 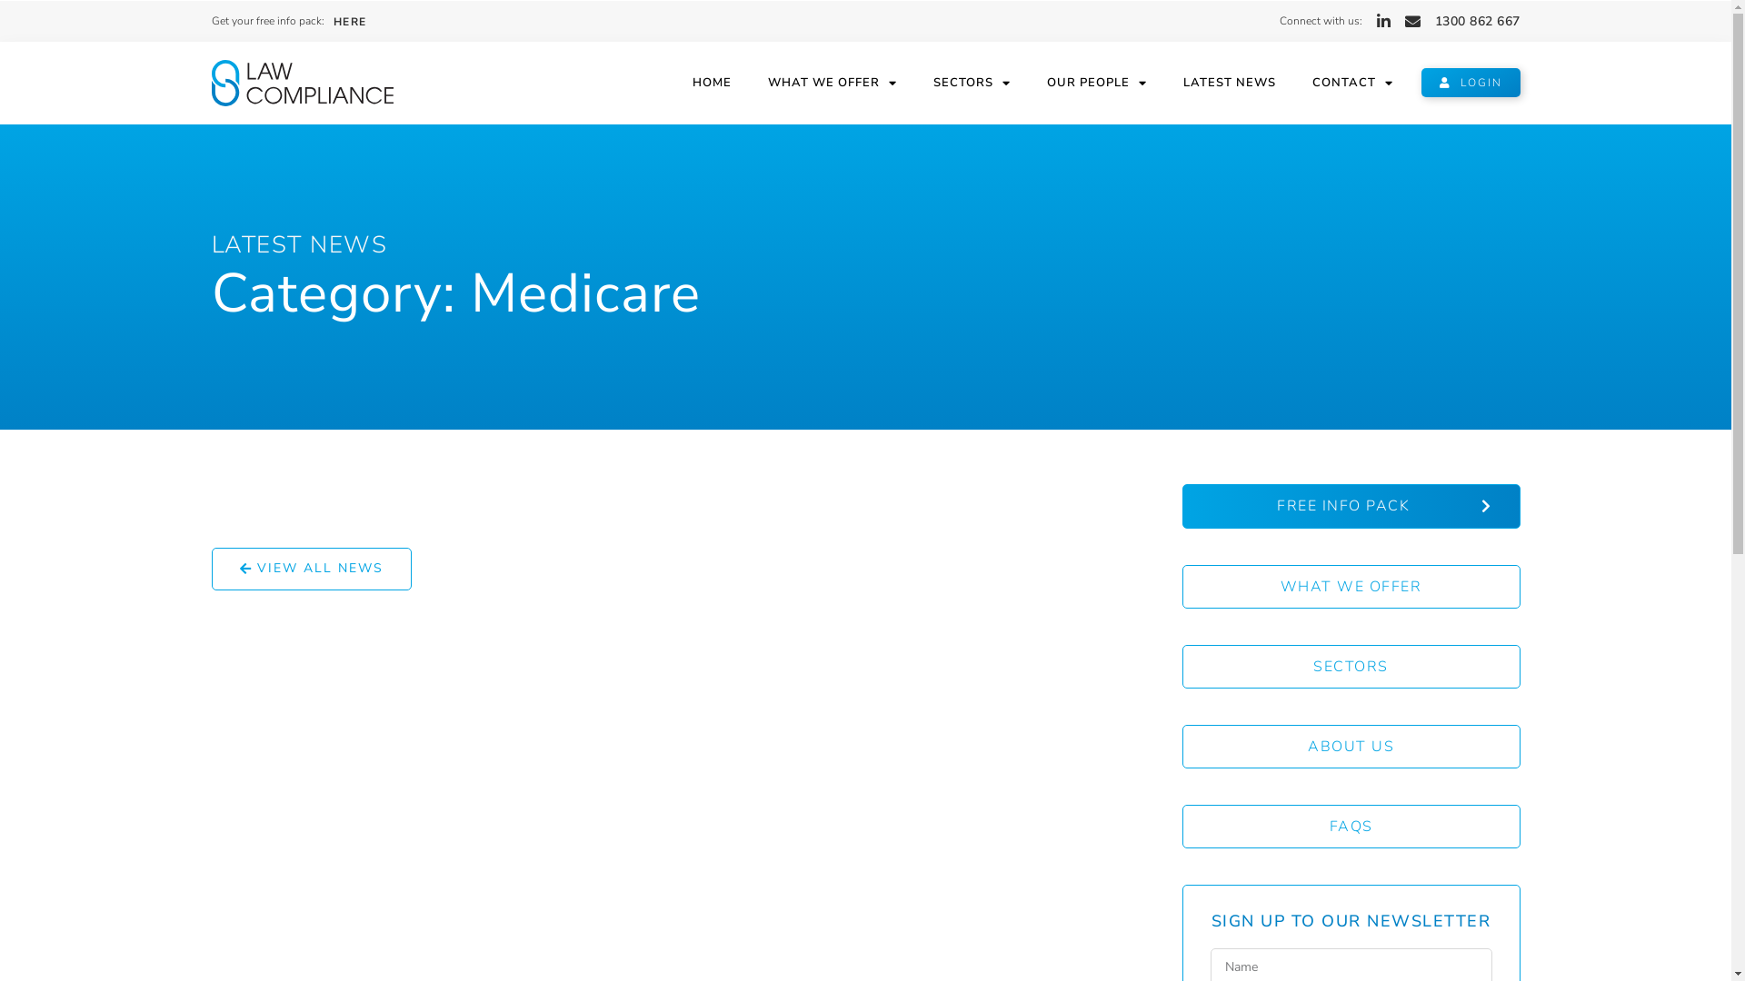 What do you see at coordinates (832, 83) in the screenshot?
I see `'WHAT WE OFFER'` at bounding box center [832, 83].